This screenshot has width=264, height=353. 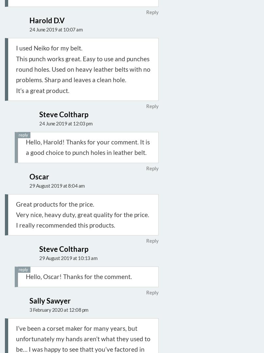 I want to click on 'I used Neiko for my belt.', so click(x=49, y=48).